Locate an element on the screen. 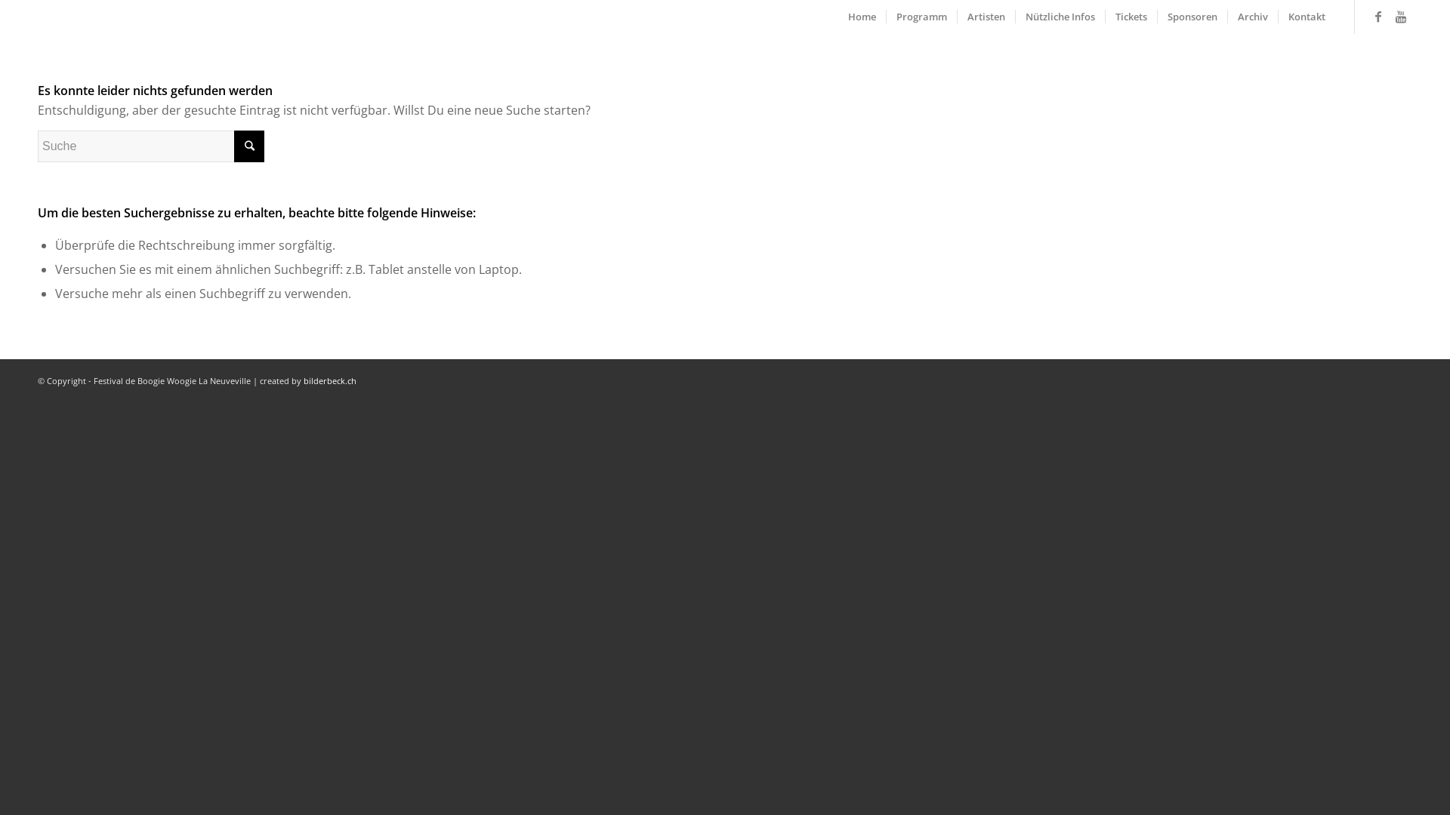  'Home' is located at coordinates (837, 17).